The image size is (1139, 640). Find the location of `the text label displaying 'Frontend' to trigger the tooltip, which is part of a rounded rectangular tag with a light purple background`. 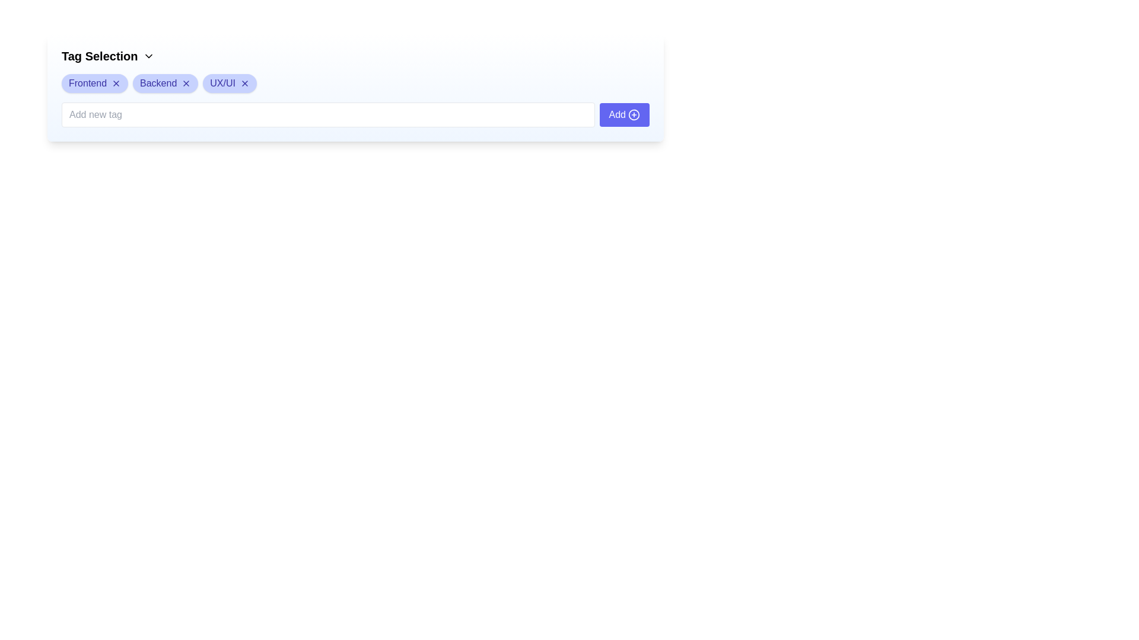

the text label displaying 'Frontend' to trigger the tooltip, which is part of a rounded rectangular tag with a light purple background is located at coordinates (87, 83).